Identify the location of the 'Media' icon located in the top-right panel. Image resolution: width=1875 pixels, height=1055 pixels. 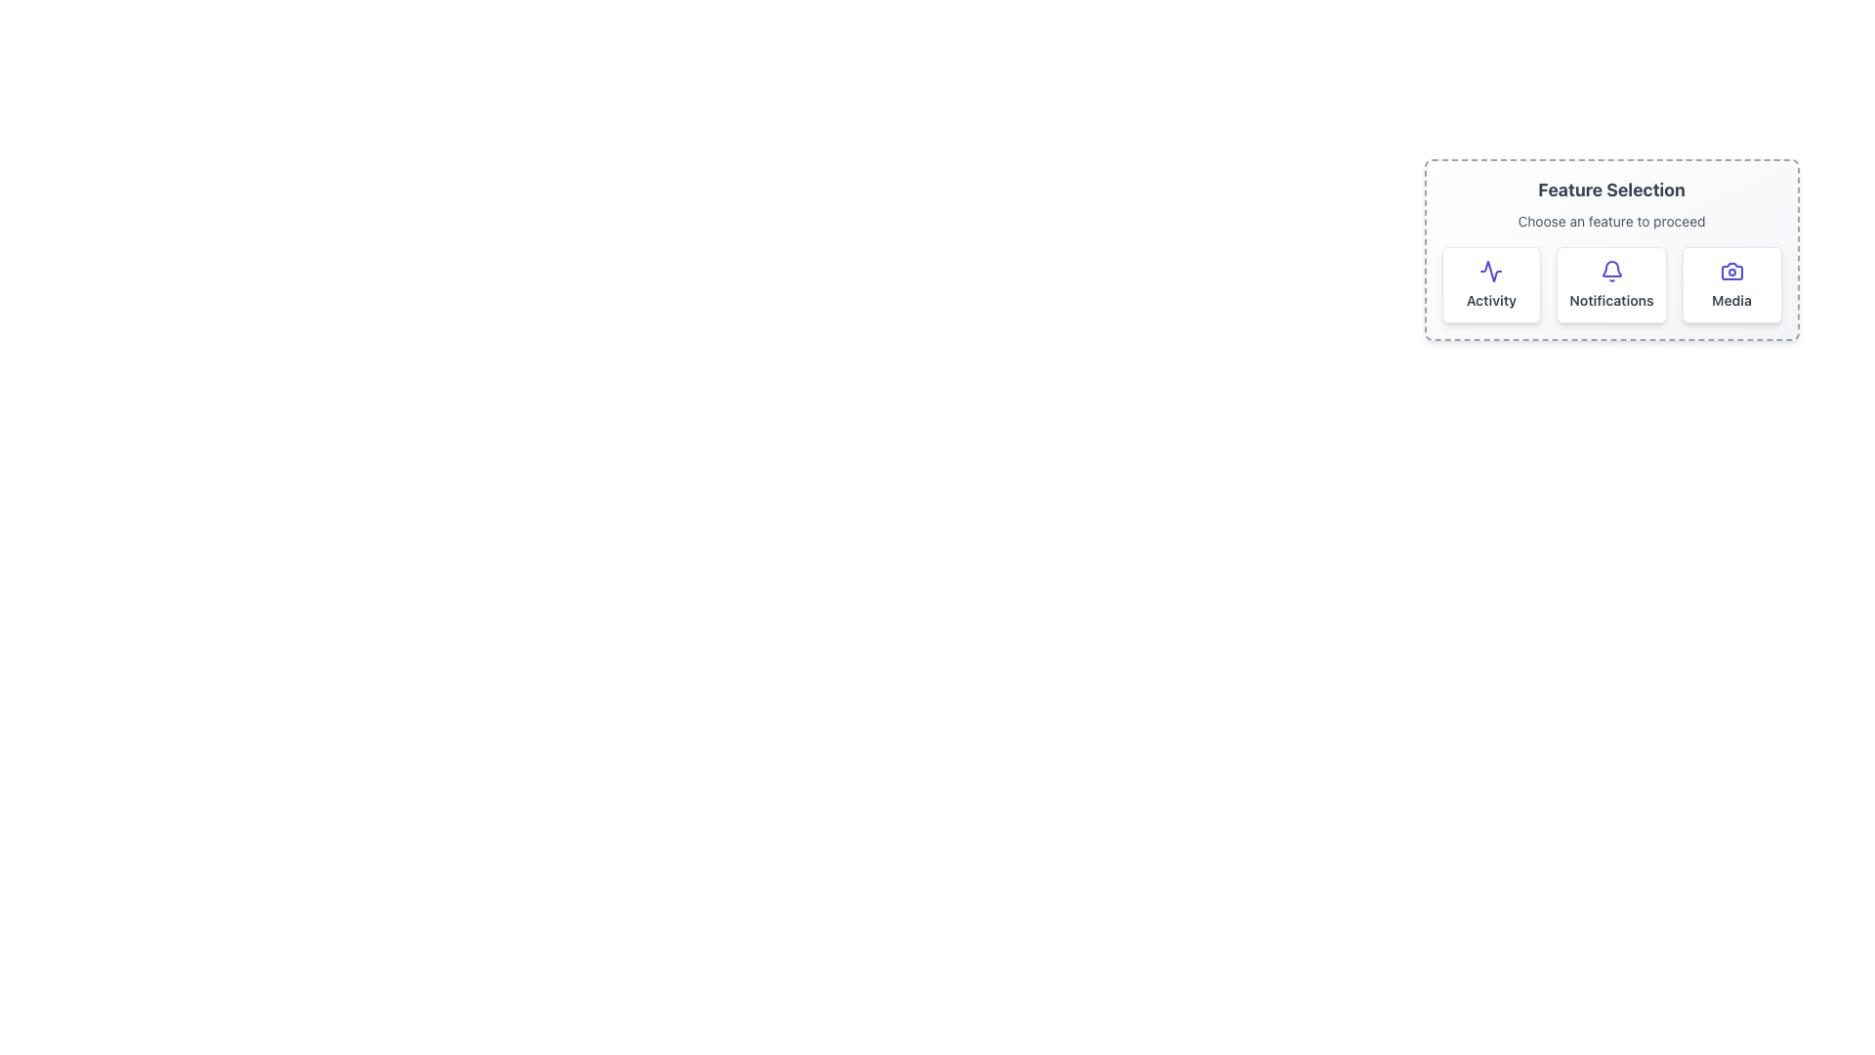
(1731, 271).